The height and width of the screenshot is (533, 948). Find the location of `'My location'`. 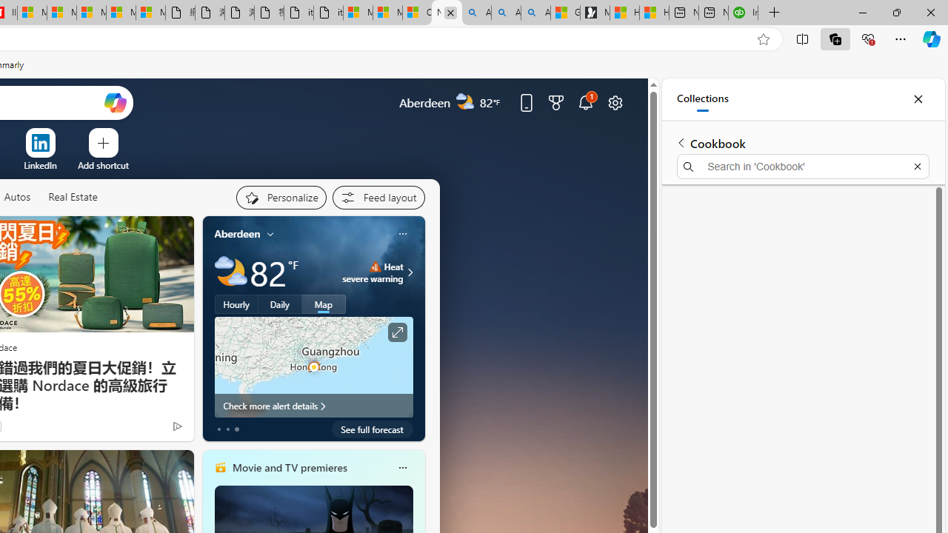

'My location' is located at coordinates (270, 233).